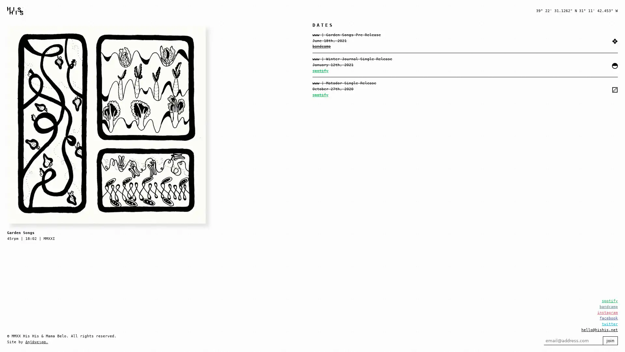 The width and height of the screenshot is (625, 352). I want to click on join, so click(578, 321).